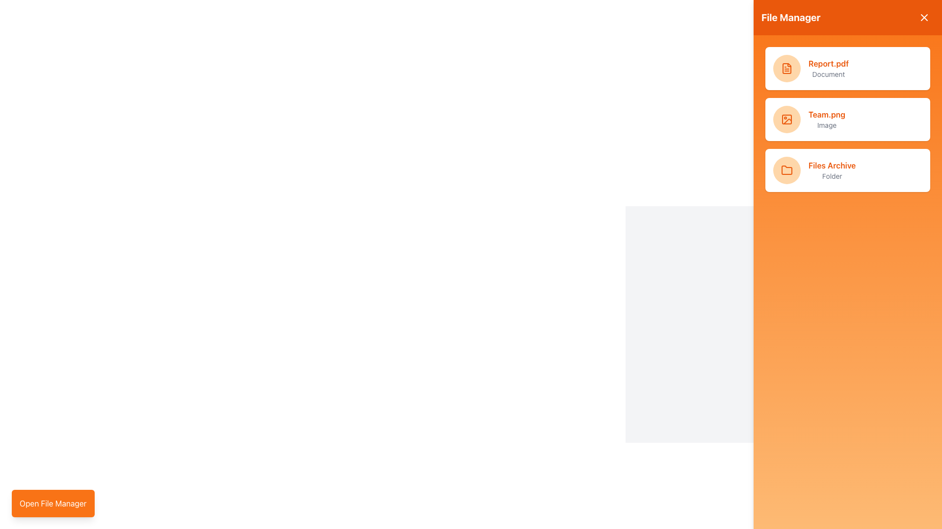  I want to click on the third list item representing a file entry labeled 'Files Archive' in order, so click(847, 169).